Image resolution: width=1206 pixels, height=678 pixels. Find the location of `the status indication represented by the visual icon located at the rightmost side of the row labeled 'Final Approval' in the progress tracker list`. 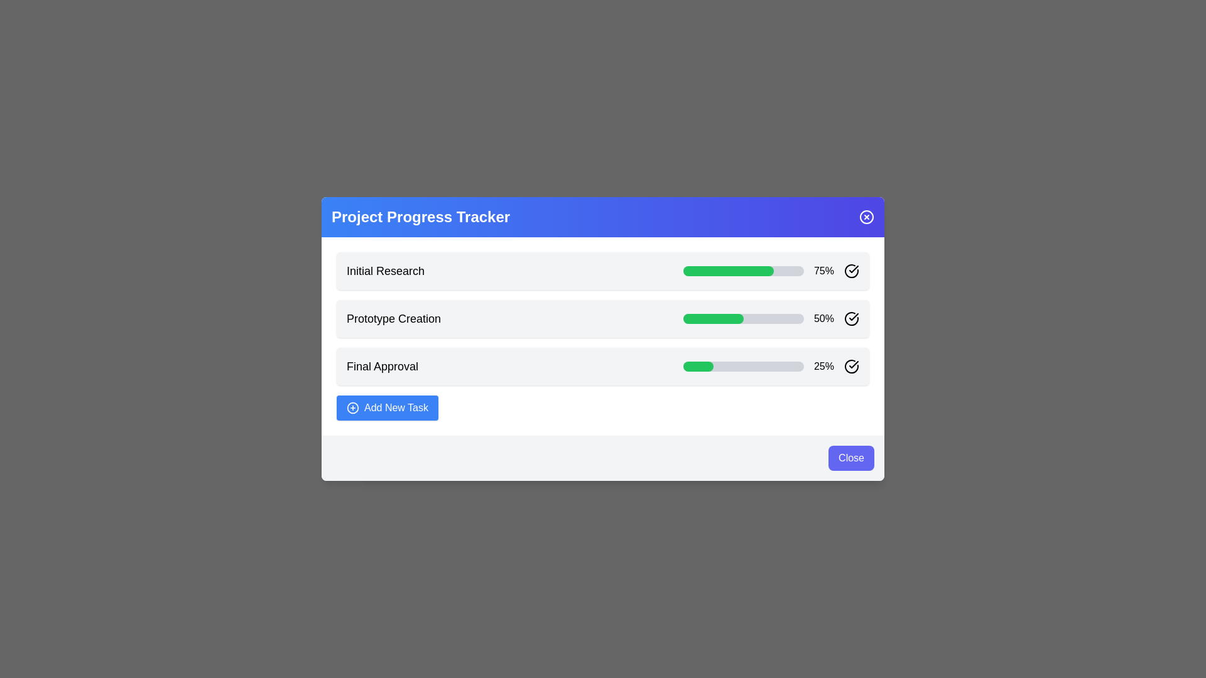

the status indication represented by the visual icon located at the rightmost side of the row labeled 'Final Approval' in the progress tracker list is located at coordinates (852, 318).